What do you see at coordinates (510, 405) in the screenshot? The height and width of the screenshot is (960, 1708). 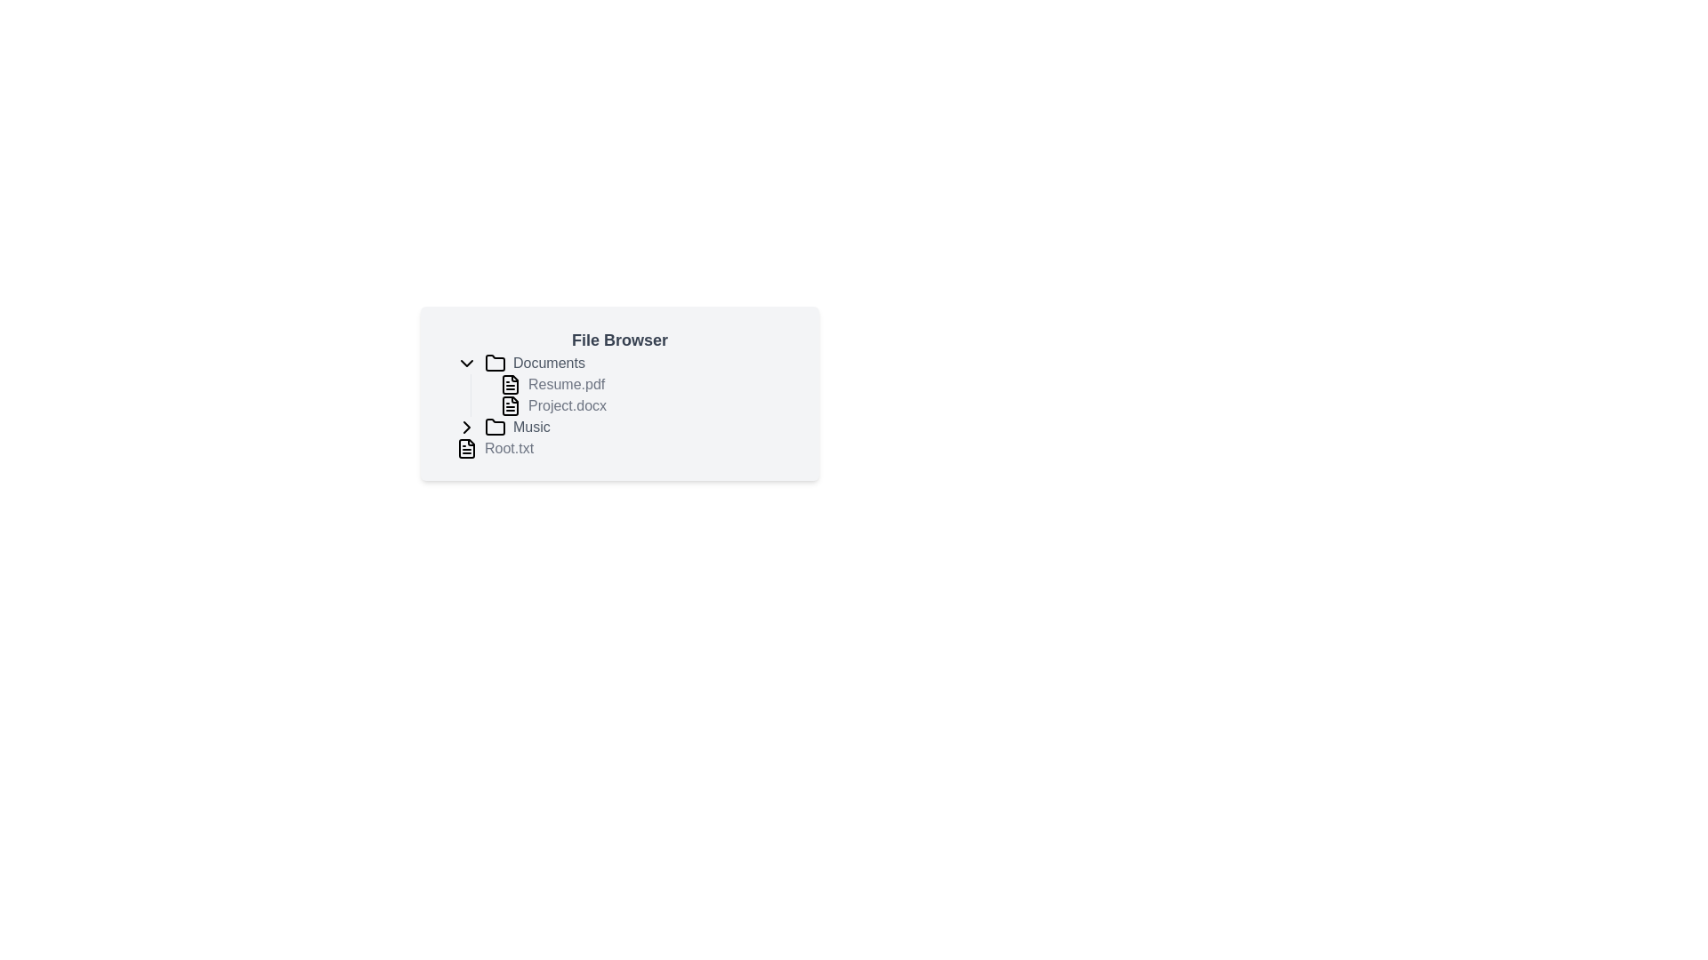 I see `the document file icon representing 'Project.docx' in the 'File Browser' component, which is the first icon in the horizontal grouping next to its label` at bounding box center [510, 405].